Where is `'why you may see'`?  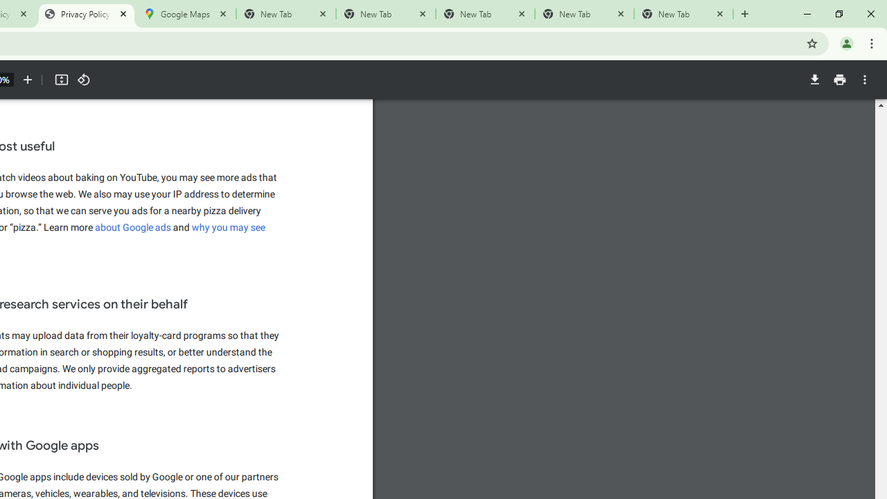 'why you may see' is located at coordinates (229, 227).